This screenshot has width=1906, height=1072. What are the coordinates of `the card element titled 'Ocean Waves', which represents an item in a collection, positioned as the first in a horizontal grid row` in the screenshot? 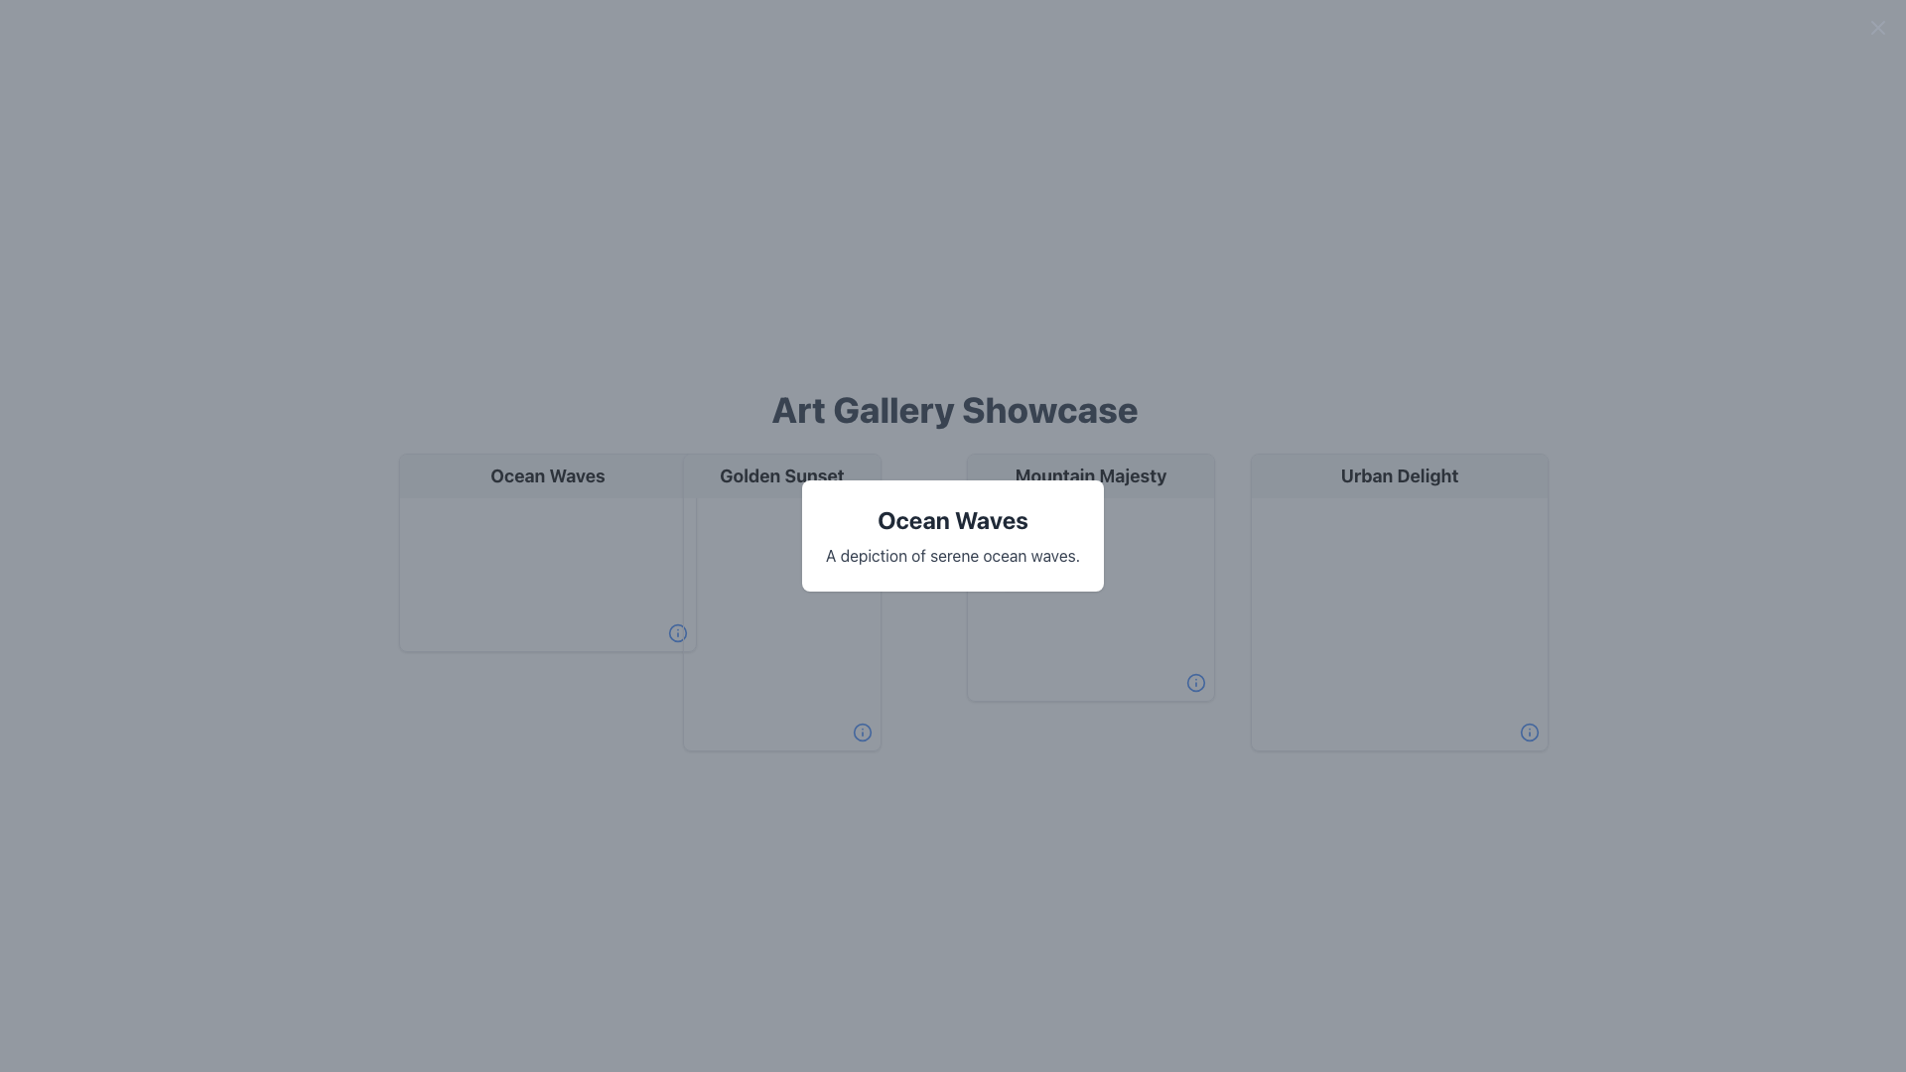 It's located at (548, 552).